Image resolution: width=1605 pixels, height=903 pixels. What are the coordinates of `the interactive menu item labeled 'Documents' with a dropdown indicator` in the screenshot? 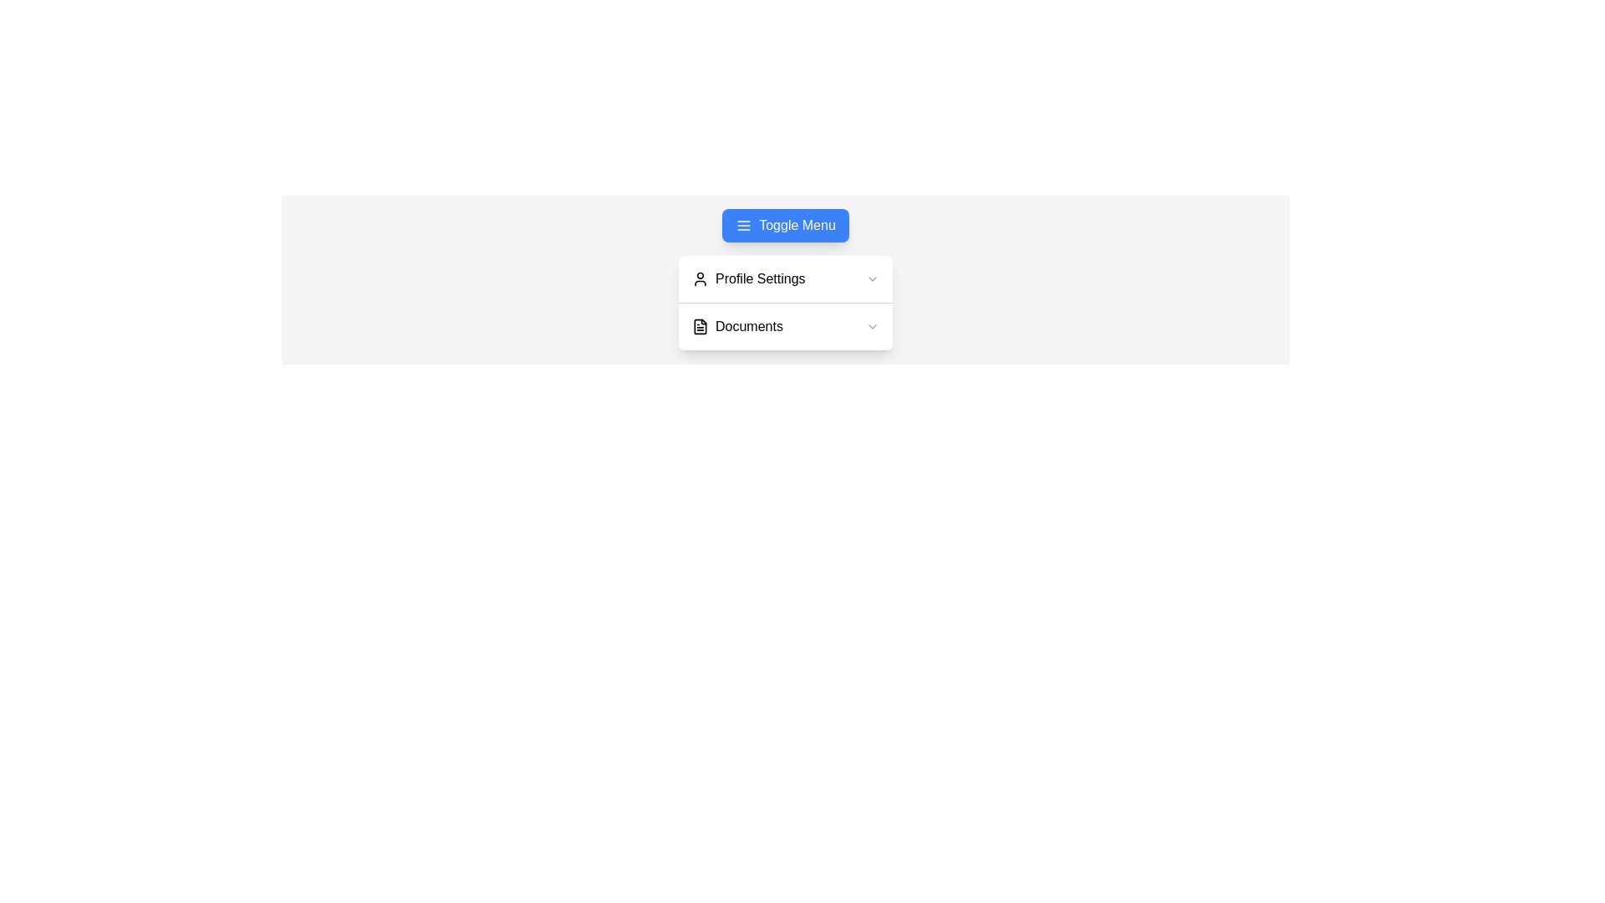 It's located at (785, 327).